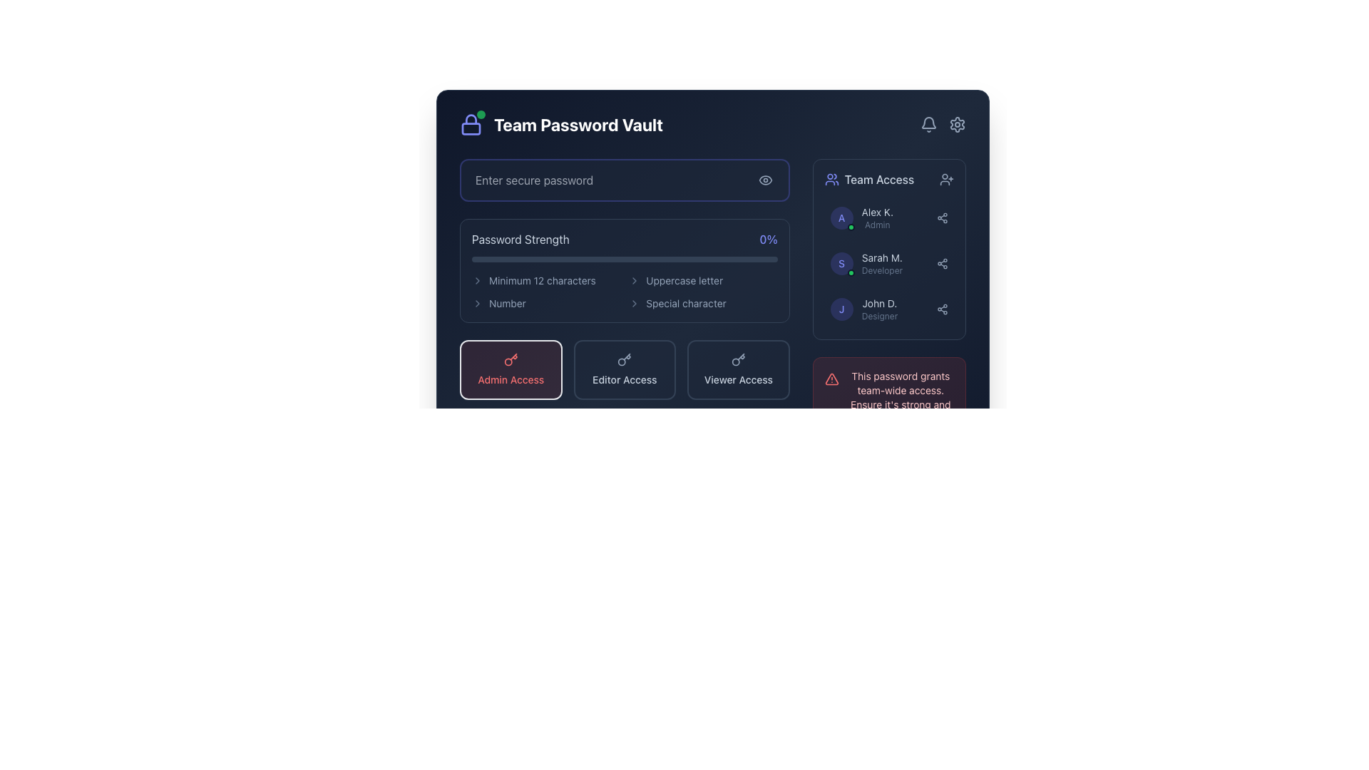 This screenshot has height=770, width=1369. What do you see at coordinates (578, 123) in the screenshot?
I see `bold and large-sized header text 'Team Password Vault' styled in white, located in the top central part of the interface` at bounding box center [578, 123].